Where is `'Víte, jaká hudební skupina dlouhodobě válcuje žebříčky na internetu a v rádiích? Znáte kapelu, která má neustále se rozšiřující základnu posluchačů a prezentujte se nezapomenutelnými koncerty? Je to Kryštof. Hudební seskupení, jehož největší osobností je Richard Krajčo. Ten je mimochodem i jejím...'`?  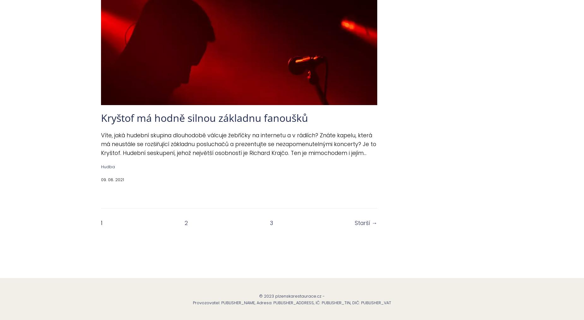
'Víte, jaká hudební skupina dlouhodobě válcuje žebříčky na internetu a v rádiích? Znáte kapelu, která má neustále se rozšiřující základnu posluchačů a prezentujte se nezapomenutelnými koncerty? Je to Kryštof. Hudební seskupení, jehož největší osobností je Richard Krajčo. Ten je mimochodem i jejím...' is located at coordinates (238, 144).